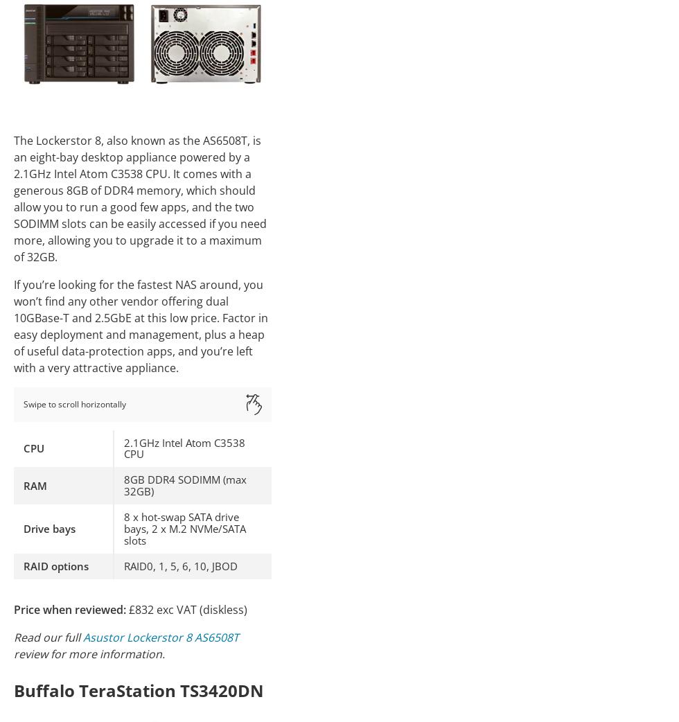 The height and width of the screenshot is (722, 679). Describe the element at coordinates (70, 608) in the screenshot. I see `'Price when reviewed:'` at that location.